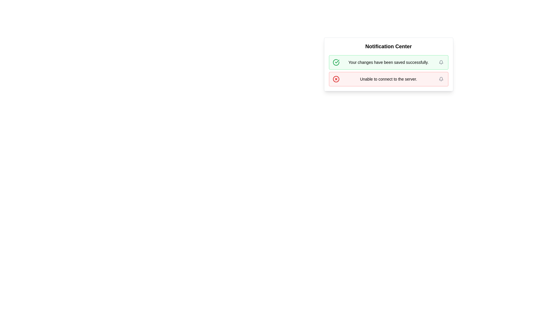 The height and width of the screenshot is (312, 554). I want to click on the error notification text label located next to the alert icon in the Notification Center, so click(388, 79).